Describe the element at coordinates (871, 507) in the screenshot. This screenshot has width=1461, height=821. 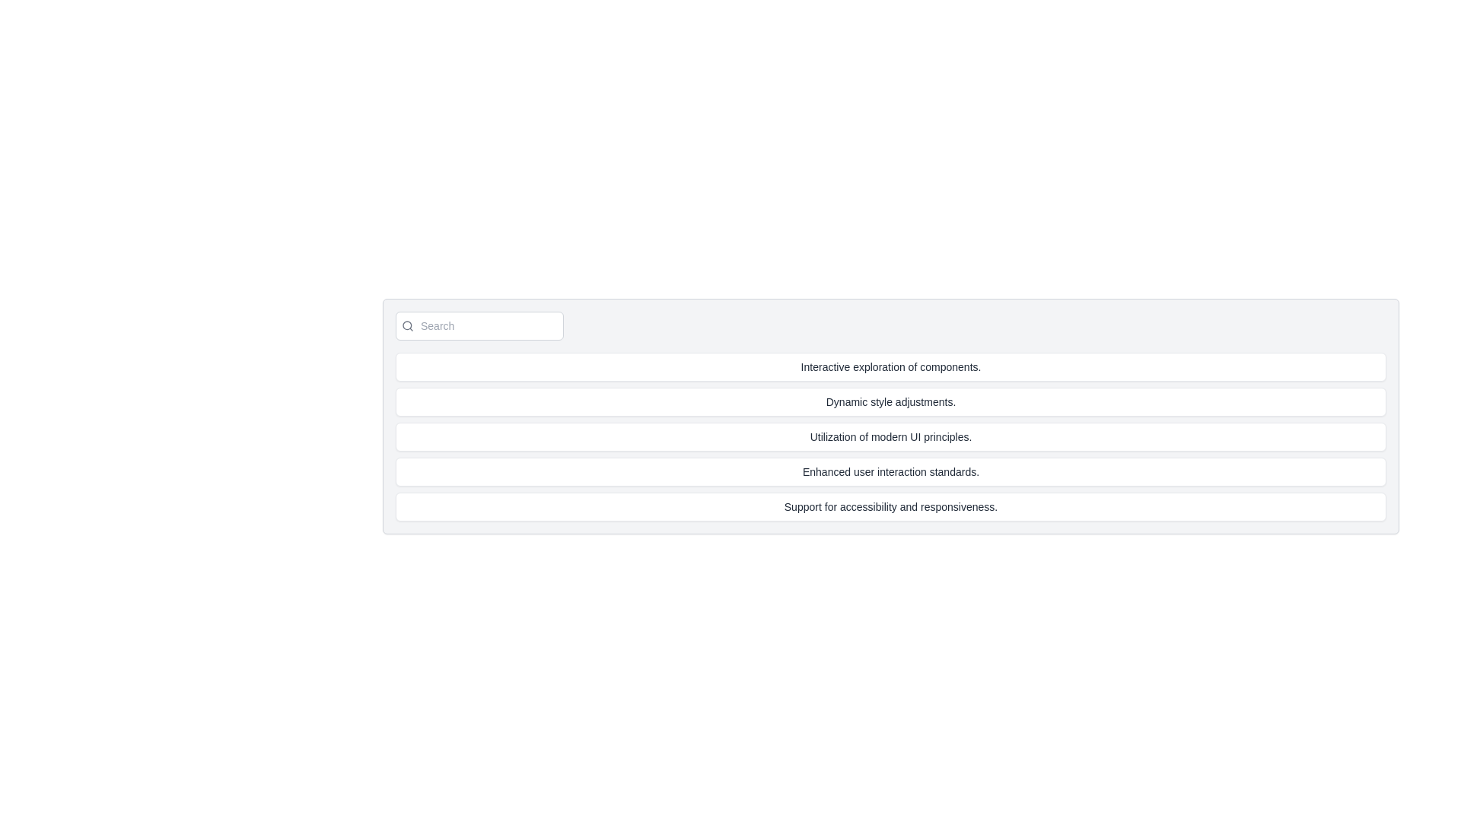
I see `character 's' which is the final letter in the word 'responsiveness' in the sentence 'Support for accessibility and responsiveness.'` at that location.